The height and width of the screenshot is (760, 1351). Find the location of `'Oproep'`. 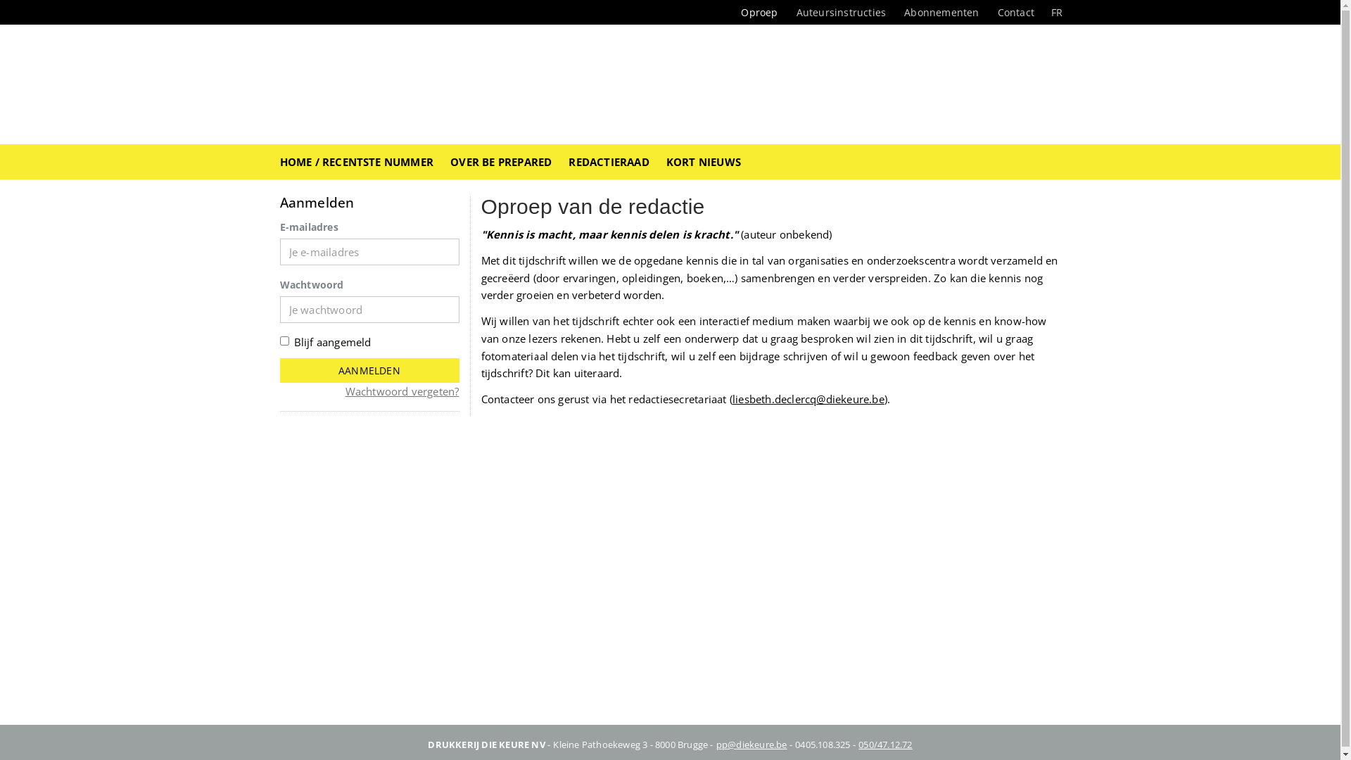

'Oproep' is located at coordinates (759, 12).